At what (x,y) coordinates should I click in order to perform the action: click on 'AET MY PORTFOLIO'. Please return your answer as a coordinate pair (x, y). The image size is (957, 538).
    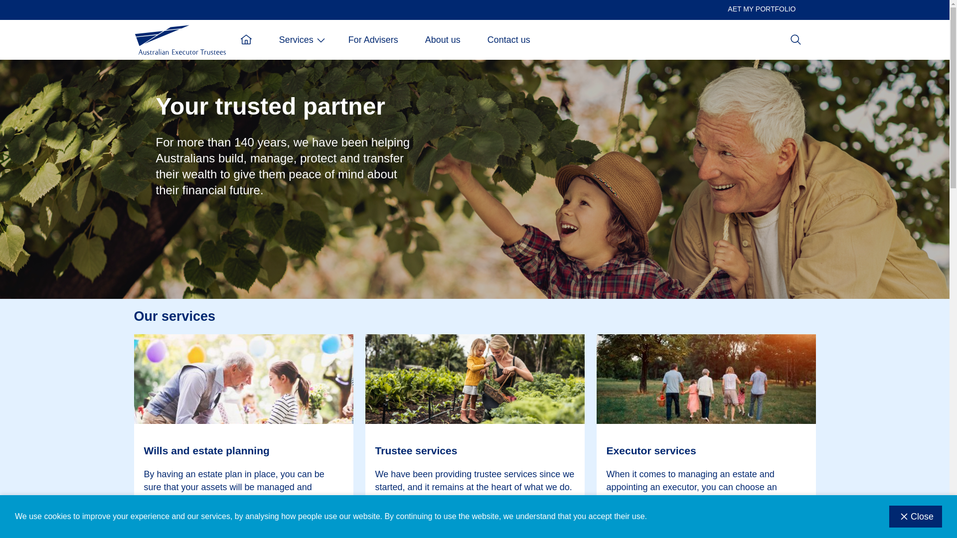
    Looking at the image, I should click on (720, 9).